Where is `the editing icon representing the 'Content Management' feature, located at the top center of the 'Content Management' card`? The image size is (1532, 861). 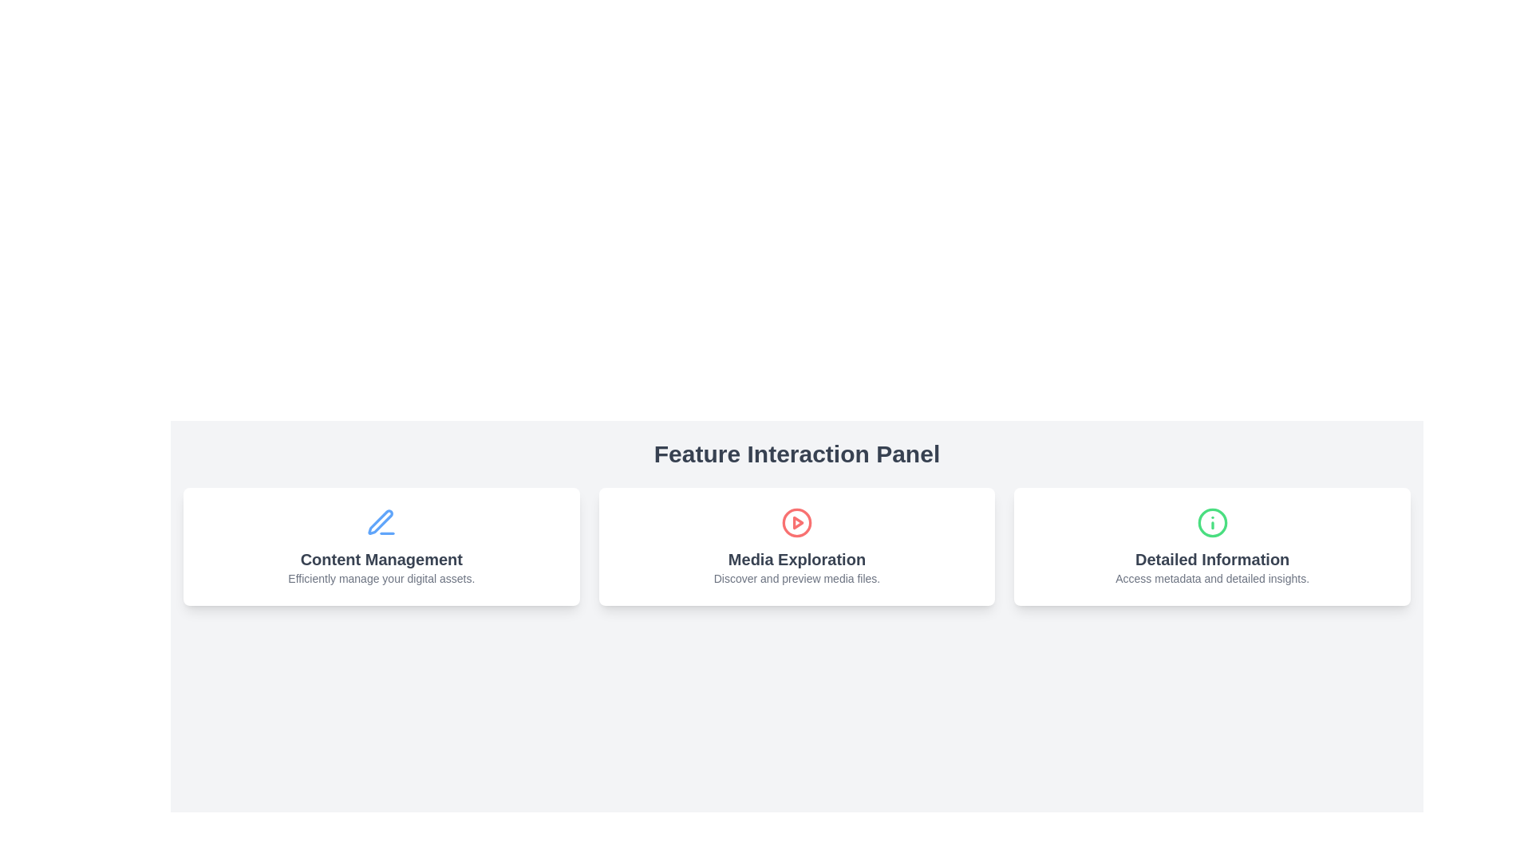
the editing icon representing the 'Content Management' feature, located at the top center of the 'Content Management' card is located at coordinates (381, 522).